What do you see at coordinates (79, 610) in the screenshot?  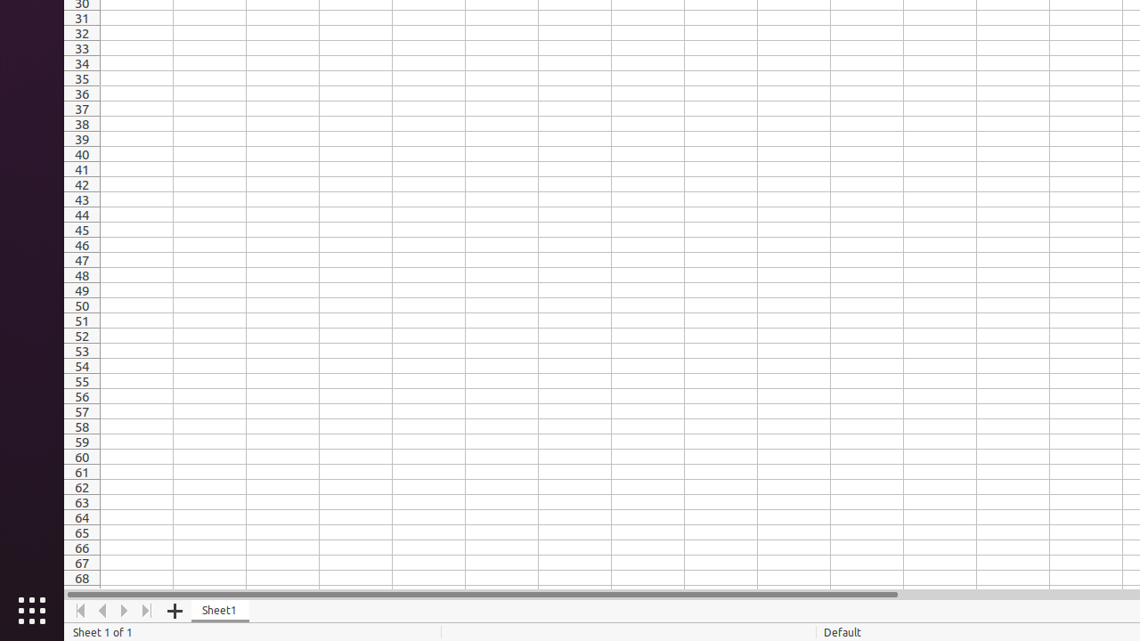 I see `'Move To Home'` at bounding box center [79, 610].